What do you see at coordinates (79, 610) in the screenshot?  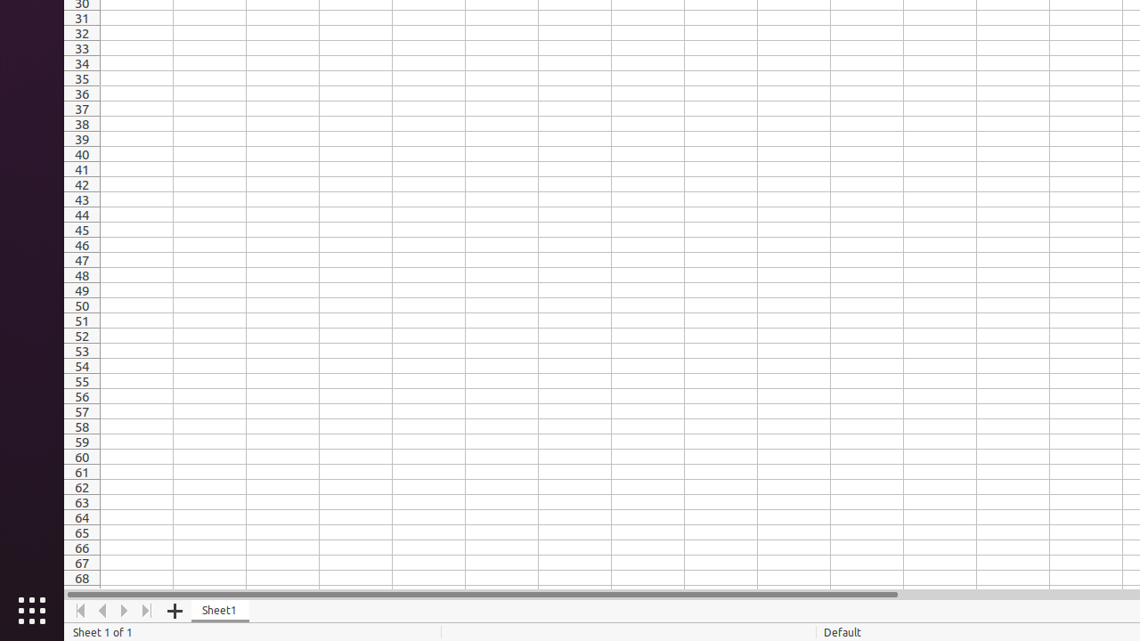 I see `'Move To Home'` at bounding box center [79, 610].